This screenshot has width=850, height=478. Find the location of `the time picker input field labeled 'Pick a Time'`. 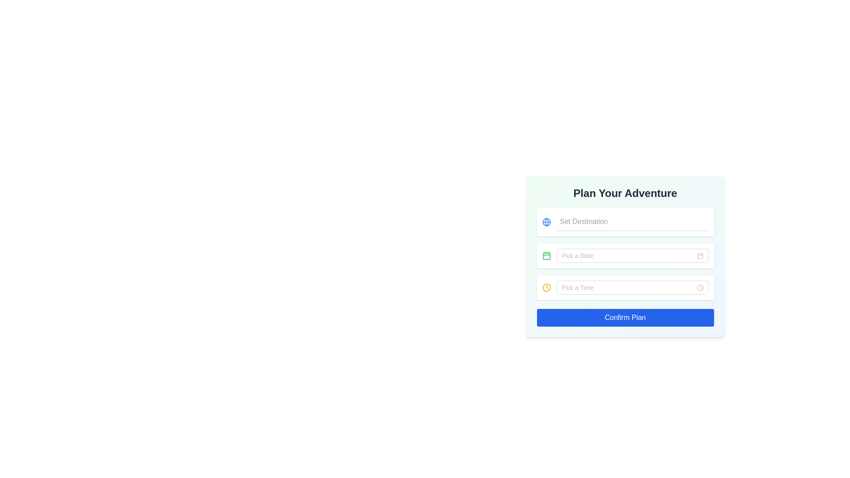

the time picker input field labeled 'Pick a Time' is located at coordinates (632, 288).